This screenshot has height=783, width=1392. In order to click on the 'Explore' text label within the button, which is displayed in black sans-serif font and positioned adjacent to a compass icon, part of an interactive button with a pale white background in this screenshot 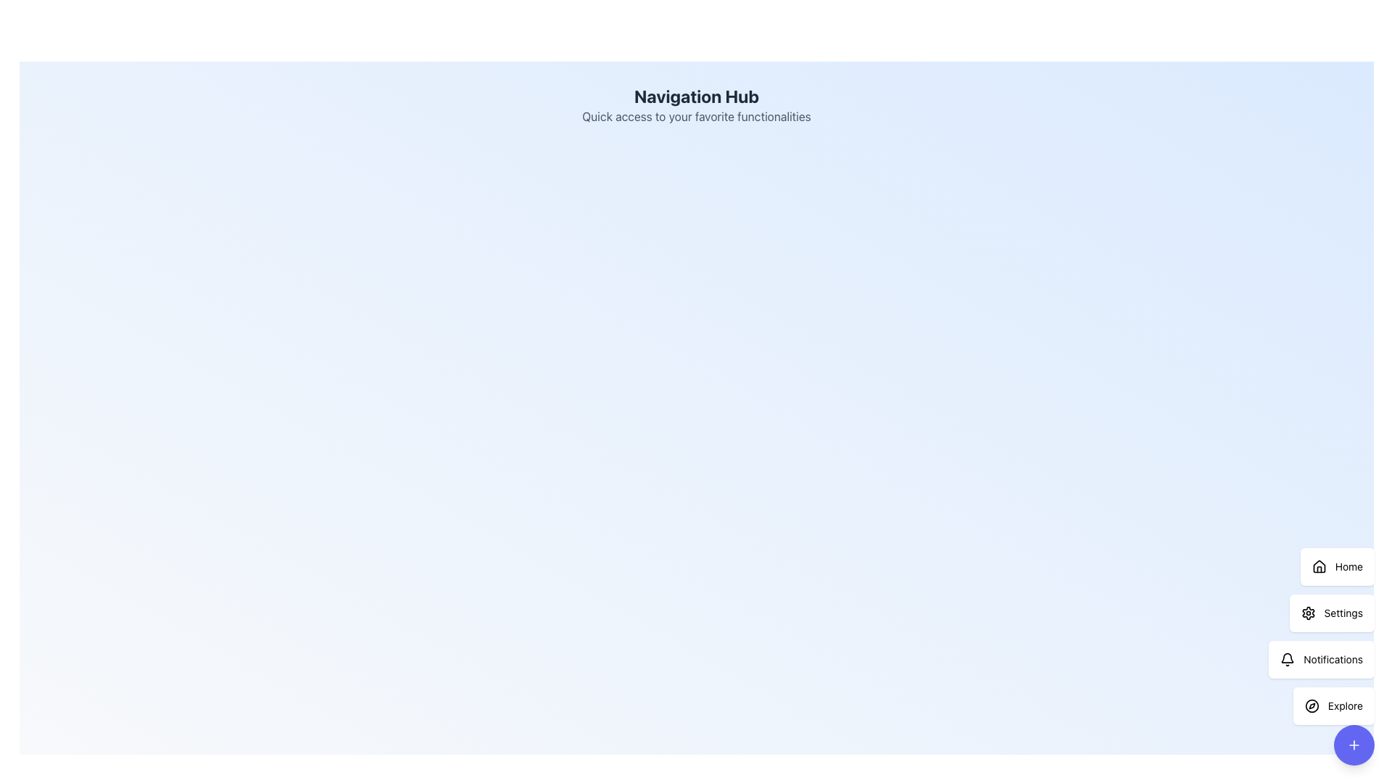, I will do `click(1344, 705)`.